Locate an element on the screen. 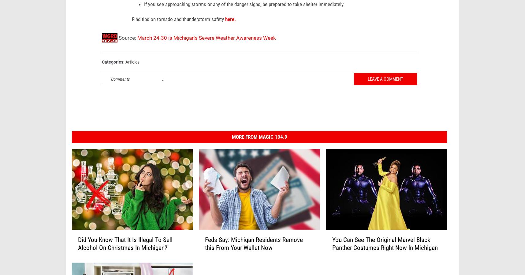 This screenshot has height=275, width=525. 'More From Magic 104.9' is located at coordinates (259, 146).